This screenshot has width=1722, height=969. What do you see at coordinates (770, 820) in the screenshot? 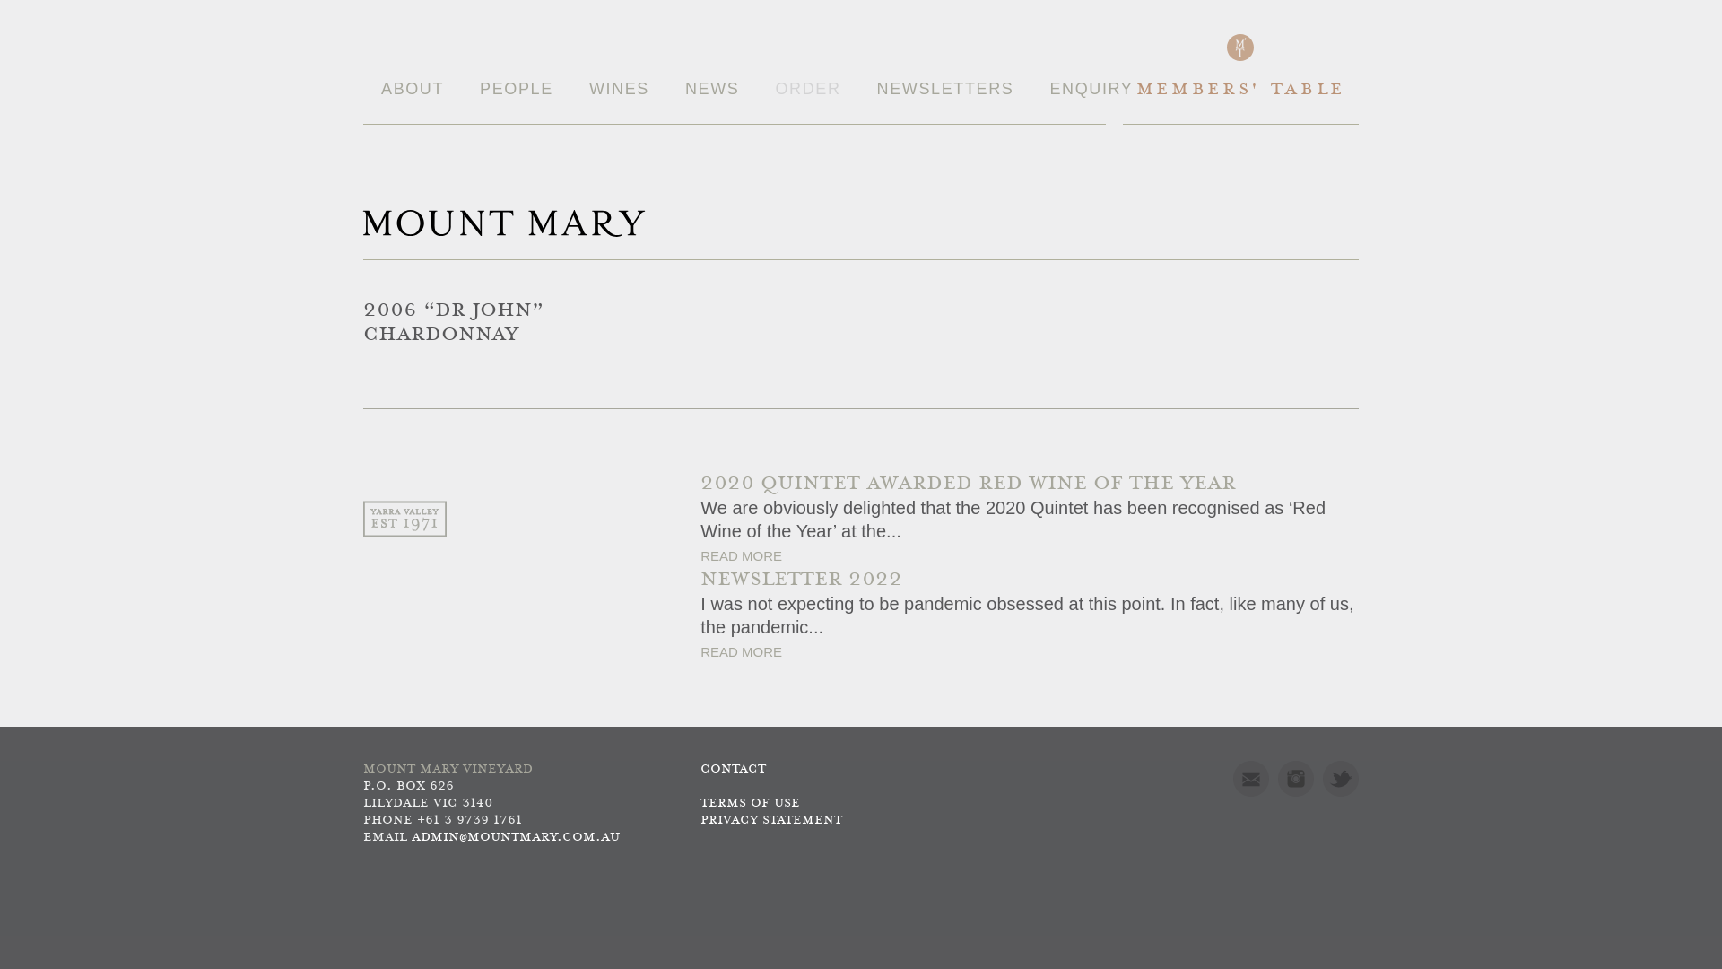
I see `'PRIVACY STATEMENT'` at bounding box center [770, 820].